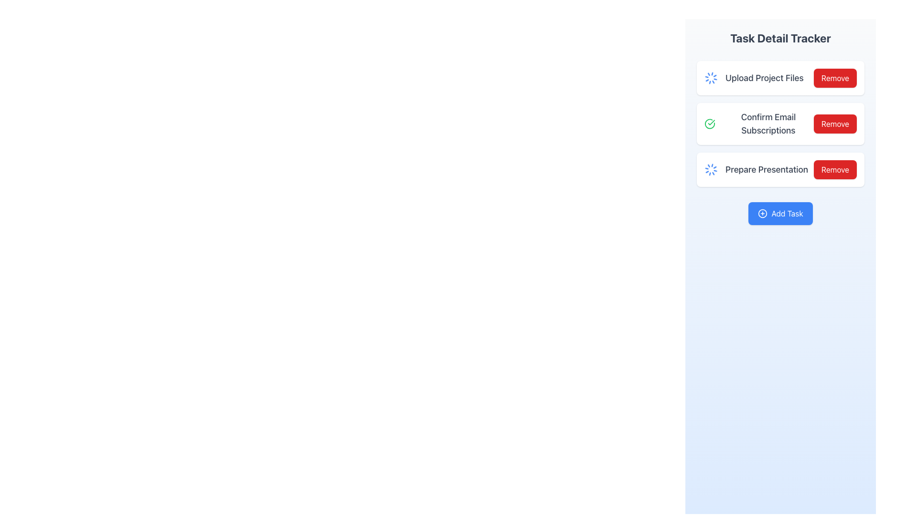 Image resolution: width=917 pixels, height=515 pixels. I want to click on the circular SVG element representing the 'Add Task' button, located at the bottom section of the task tracker panel, so click(762, 213).